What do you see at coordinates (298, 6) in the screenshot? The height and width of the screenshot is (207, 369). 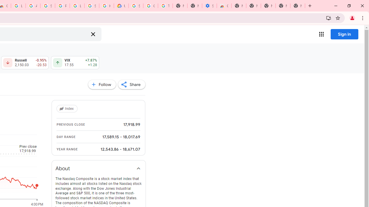 I see `'New Tab'` at bounding box center [298, 6].